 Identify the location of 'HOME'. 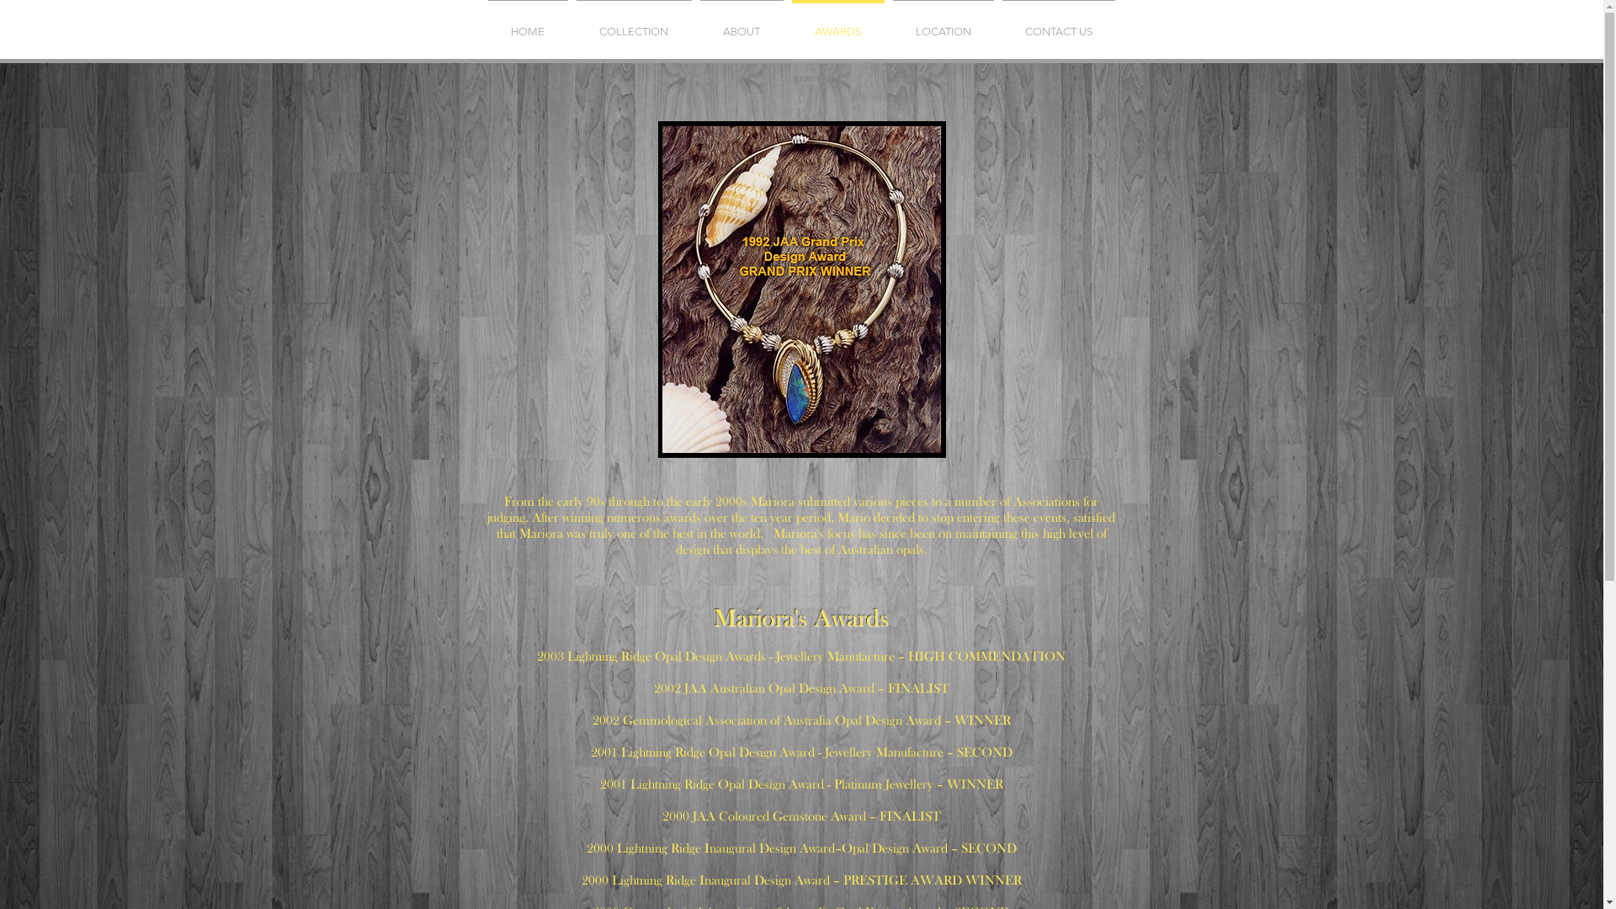
(526, 24).